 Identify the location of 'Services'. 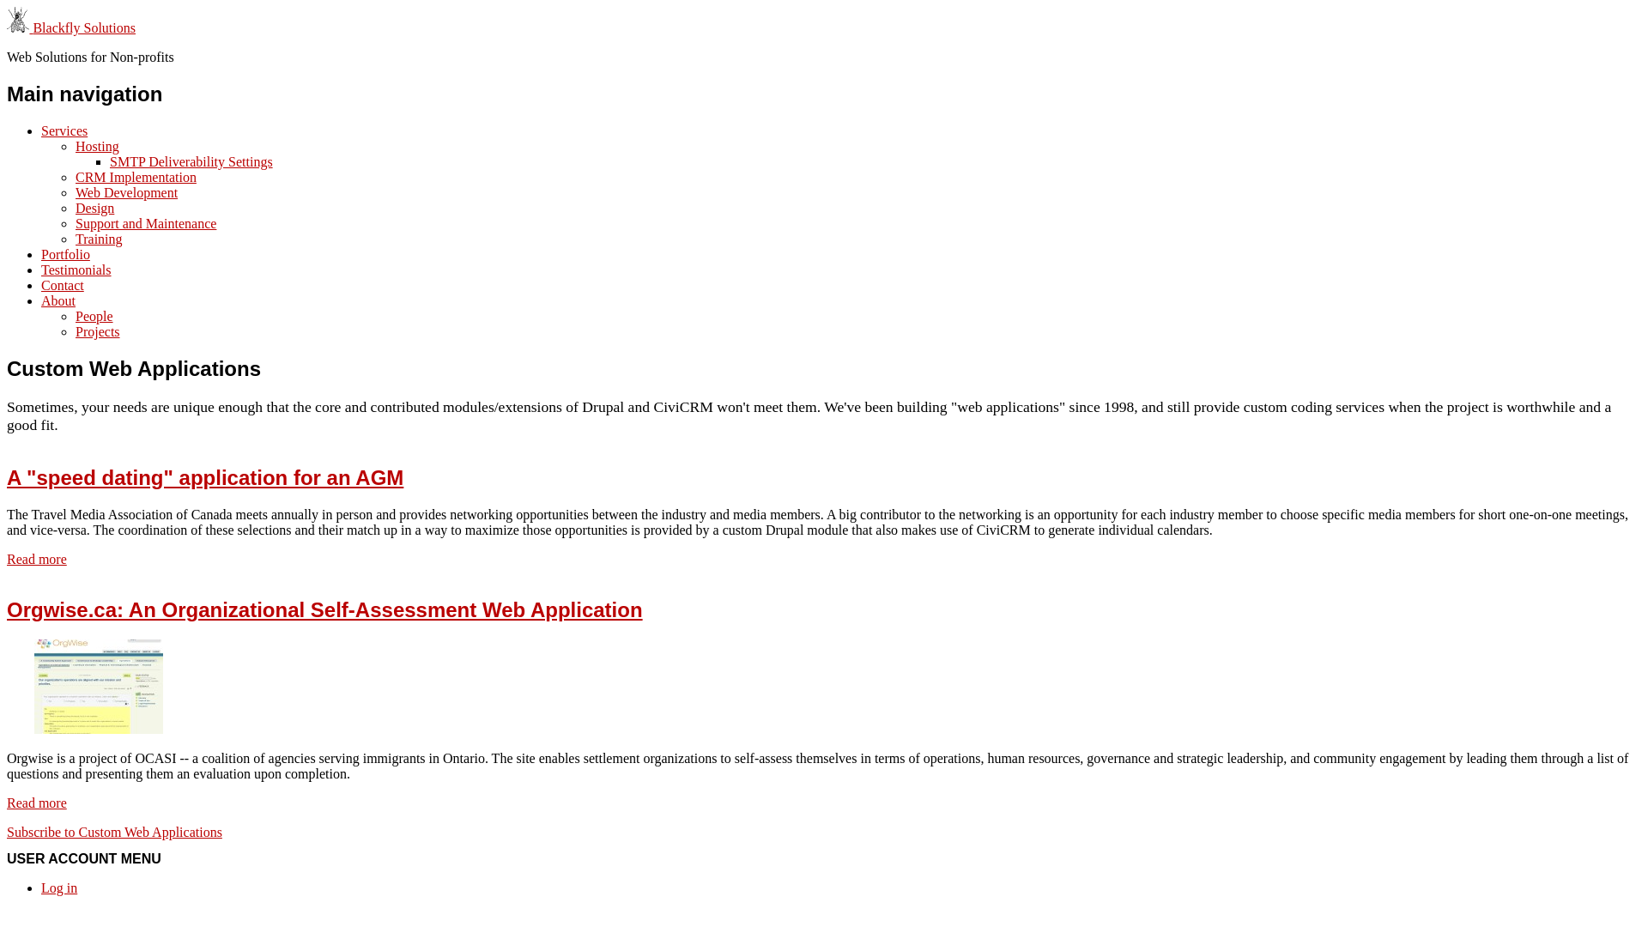
(41, 130).